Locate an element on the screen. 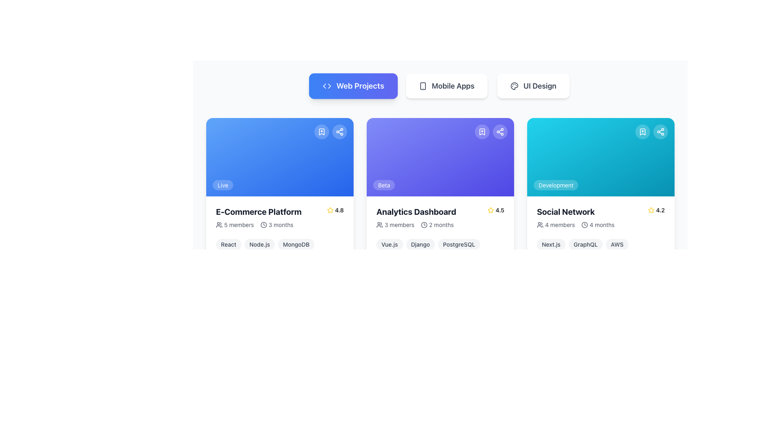 The height and width of the screenshot is (441, 784). the text label indicating the duration since the 'Social Network' project began, which displays '4 months' and is located under the 'Web Projects' category is located at coordinates (602, 225).